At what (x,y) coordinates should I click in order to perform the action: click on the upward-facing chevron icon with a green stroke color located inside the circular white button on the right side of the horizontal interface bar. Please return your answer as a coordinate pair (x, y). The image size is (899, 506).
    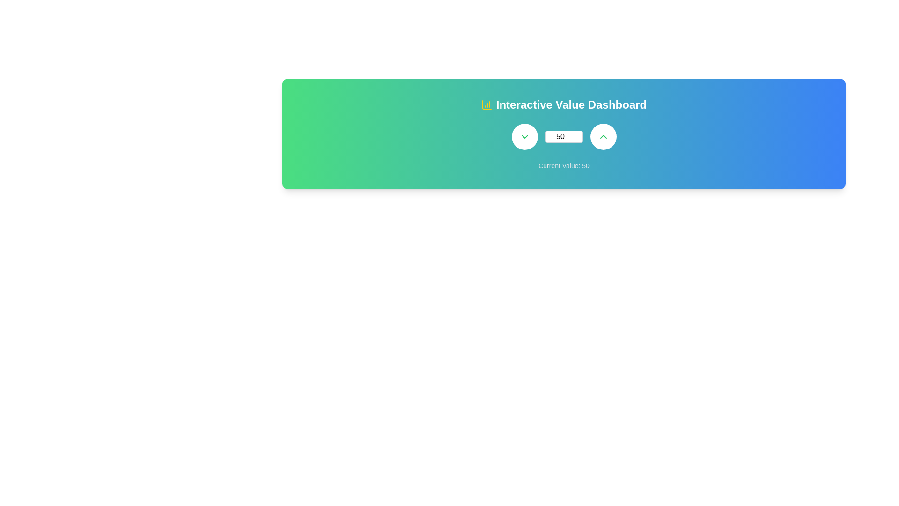
    Looking at the image, I should click on (603, 137).